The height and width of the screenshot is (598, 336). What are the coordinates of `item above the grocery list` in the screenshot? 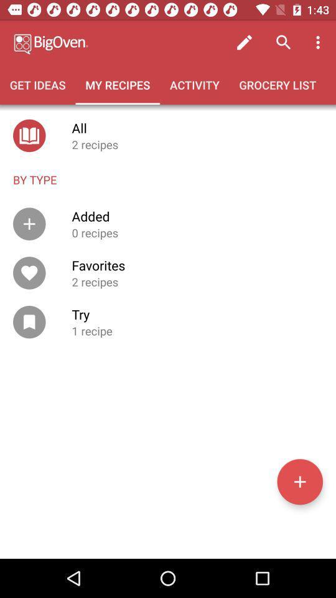 It's located at (245, 42).